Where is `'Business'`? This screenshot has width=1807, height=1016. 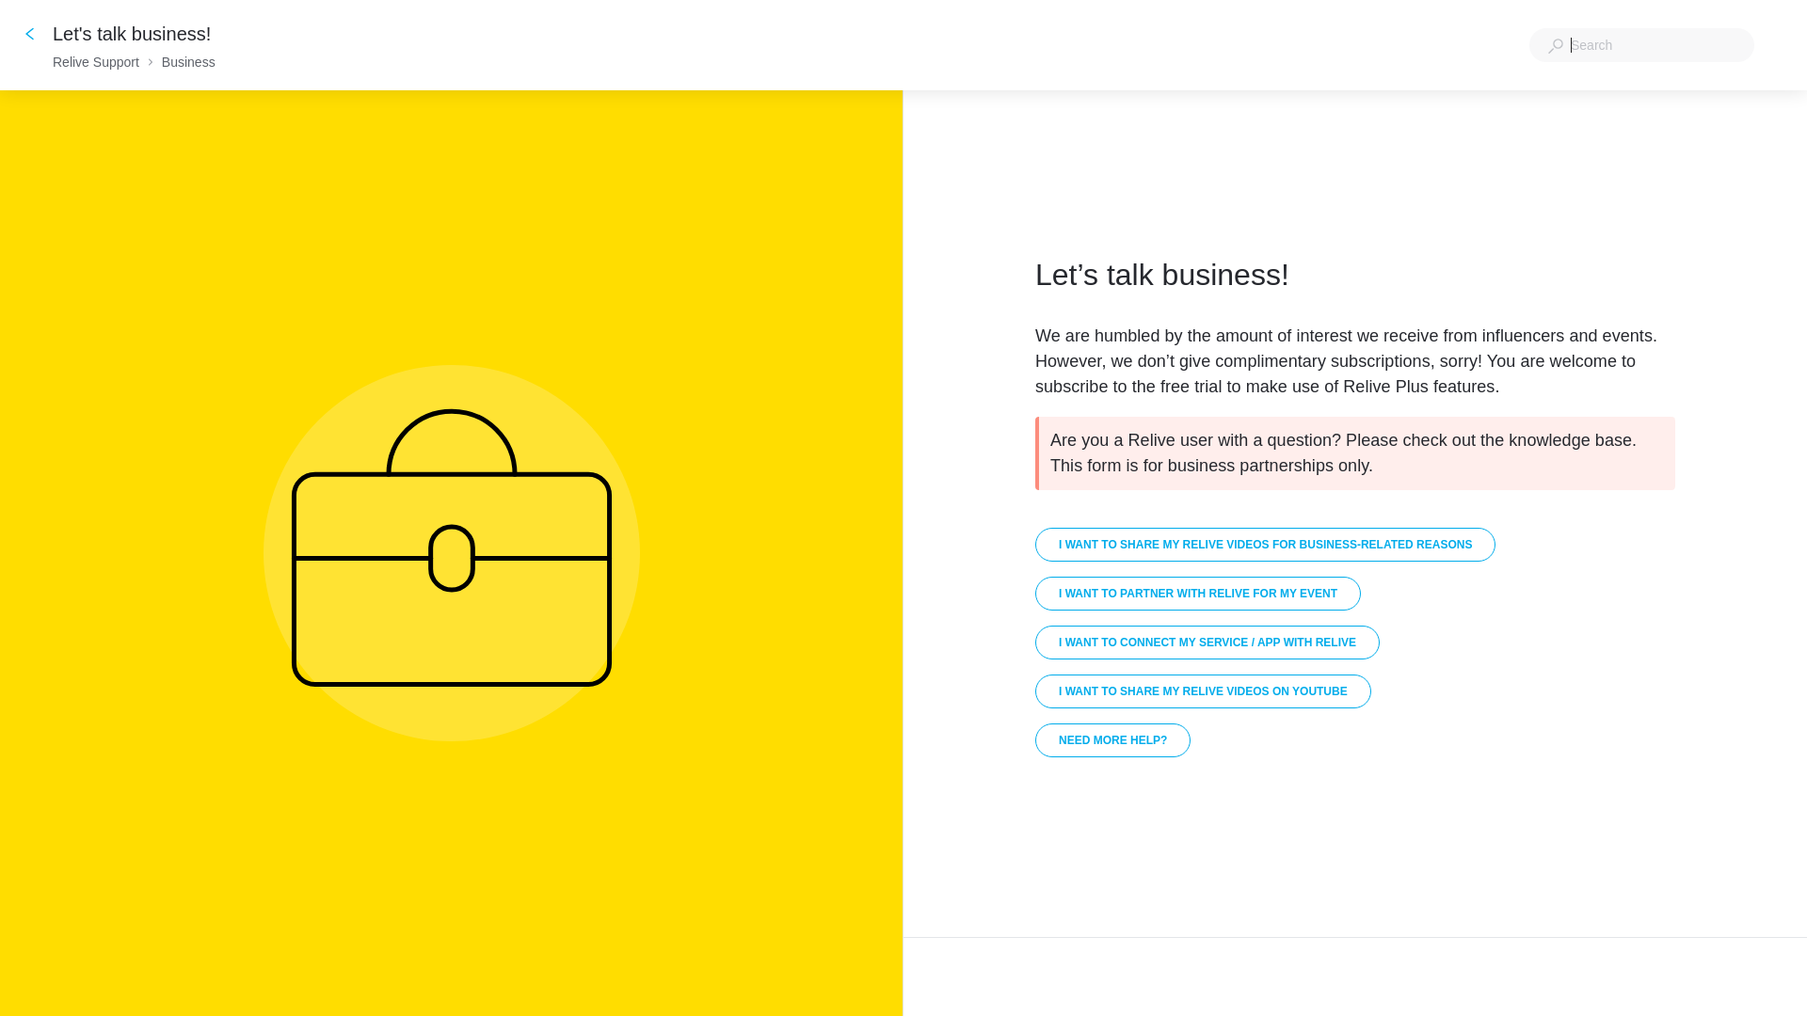 'Business' is located at coordinates (188, 60).